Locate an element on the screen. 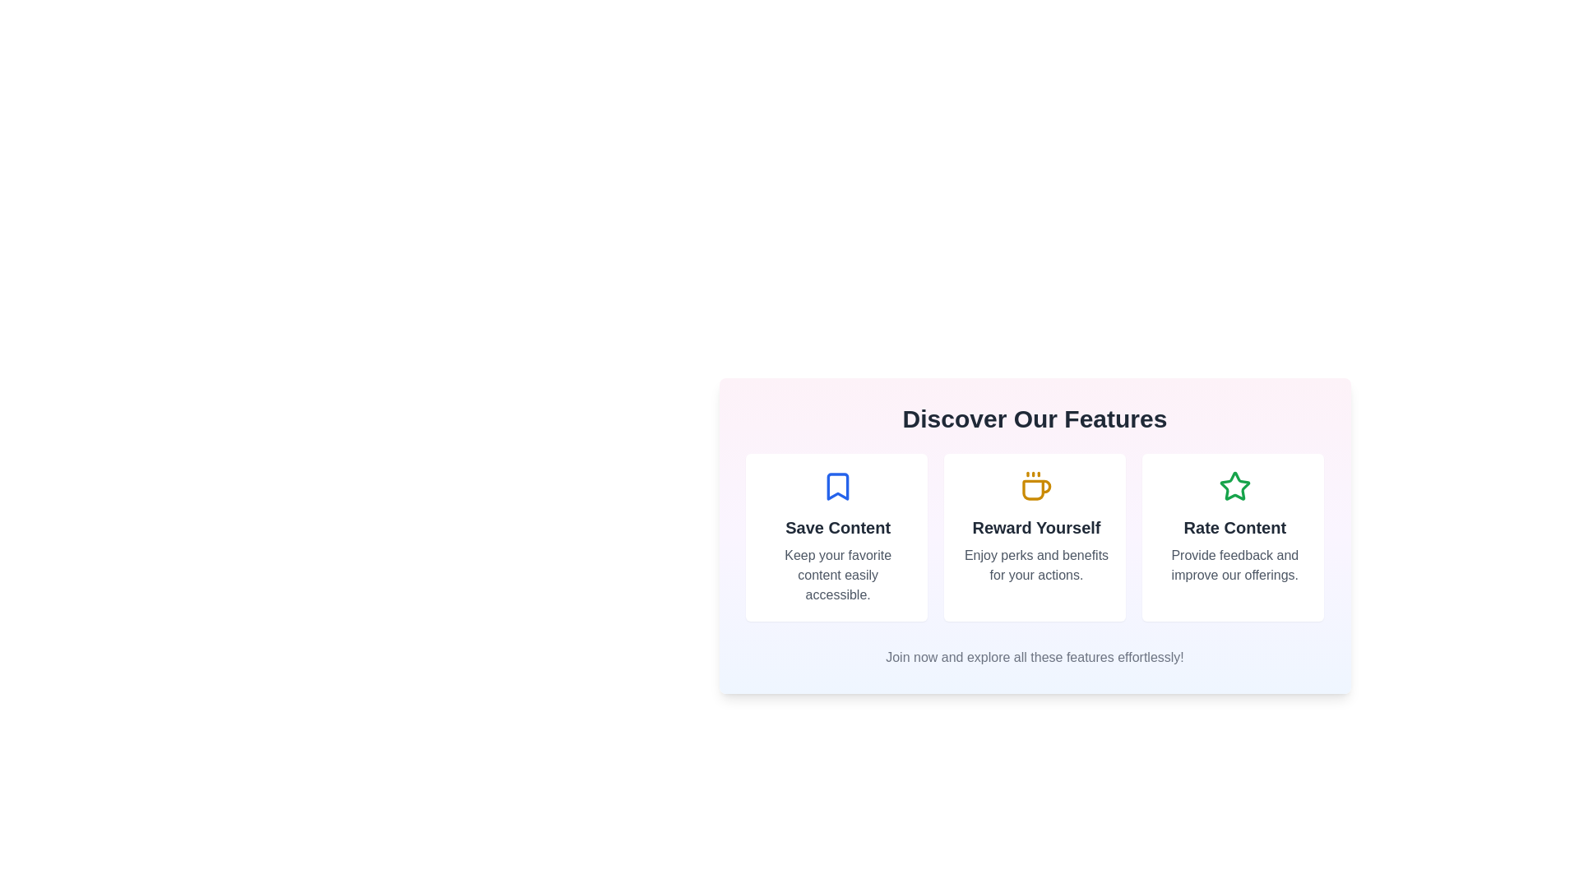 This screenshot has height=888, width=1579. the blue bookmark-shaped icon located at the top center of the 'Save Content' feature card, which is positioned above the title 'Save Content' is located at coordinates (838, 485).